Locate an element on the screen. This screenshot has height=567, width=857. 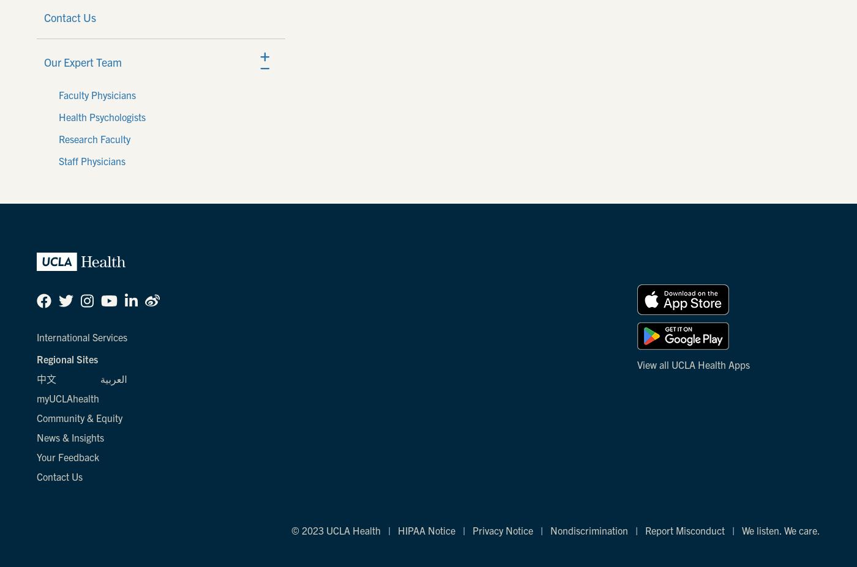
'Research Faculty' is located at coordinates (94, 138).